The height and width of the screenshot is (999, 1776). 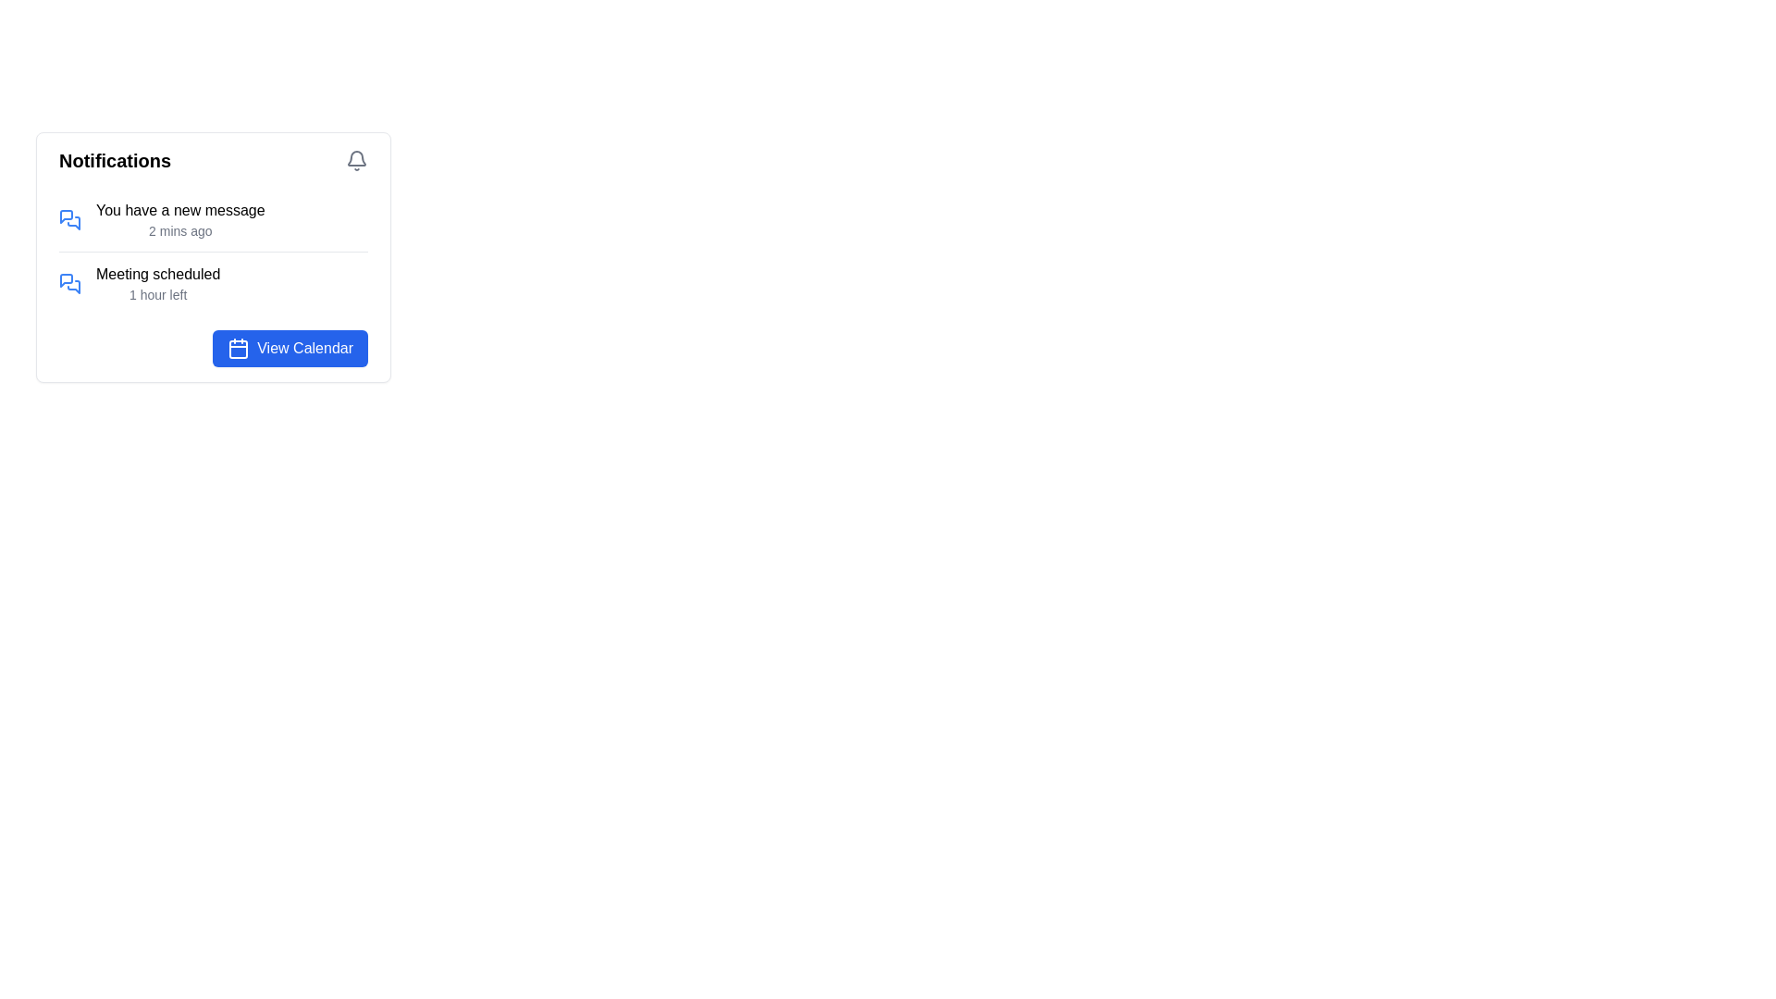 I want to click on the 'View Calendar' text label, which is styled in white font against a blue background and part of an interactive button component, located centrally next to a calendar icon, so click(x=305, y=349).